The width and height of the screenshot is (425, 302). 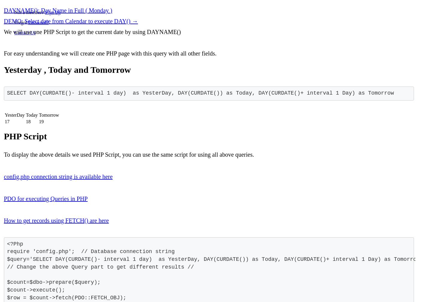 I want to click on 'Today', so click(x=31, y=115).